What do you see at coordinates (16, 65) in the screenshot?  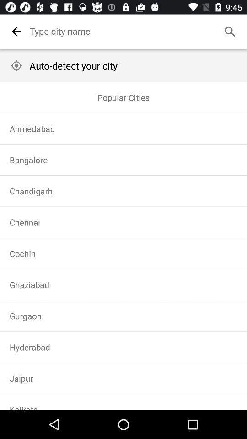 I see `automatic gps localization` at bounding box center [16, 65].